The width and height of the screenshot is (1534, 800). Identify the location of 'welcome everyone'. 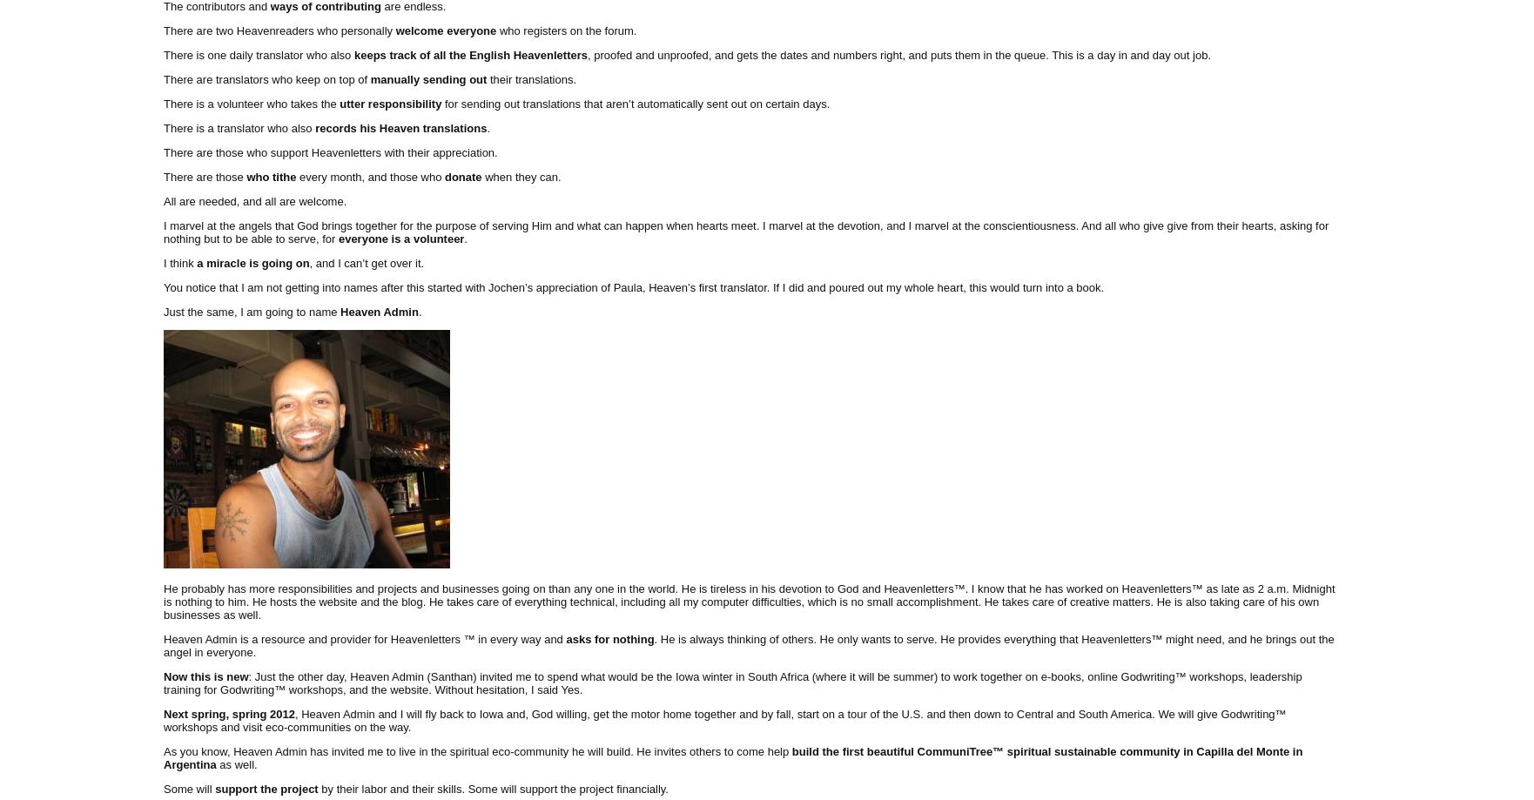
(445, 30).